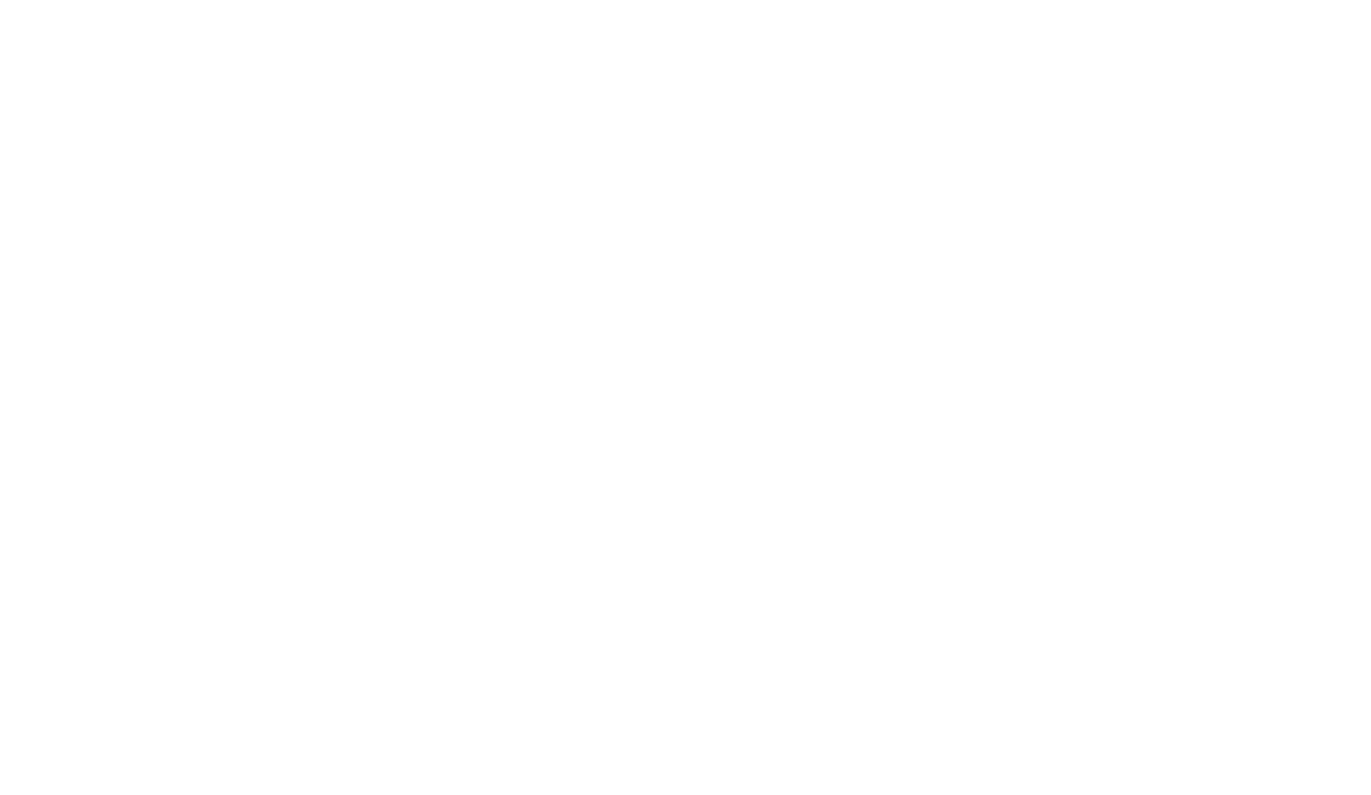  I want to click on 'Spotted par Jeca', so click(992, 192).